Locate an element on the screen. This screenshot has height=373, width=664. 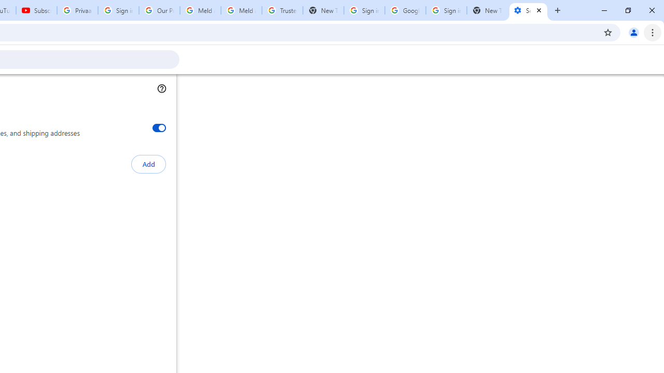
'Google Cybersecurity Innovations - Google Safety Center' is located at coordinates (405, 10).